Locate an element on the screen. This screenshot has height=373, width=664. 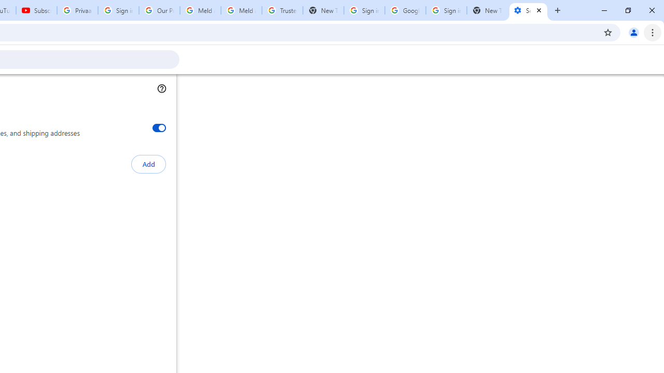
'Google Cybersecurity Innovations - Google Safety Center' is located at coordinates (405, 10).